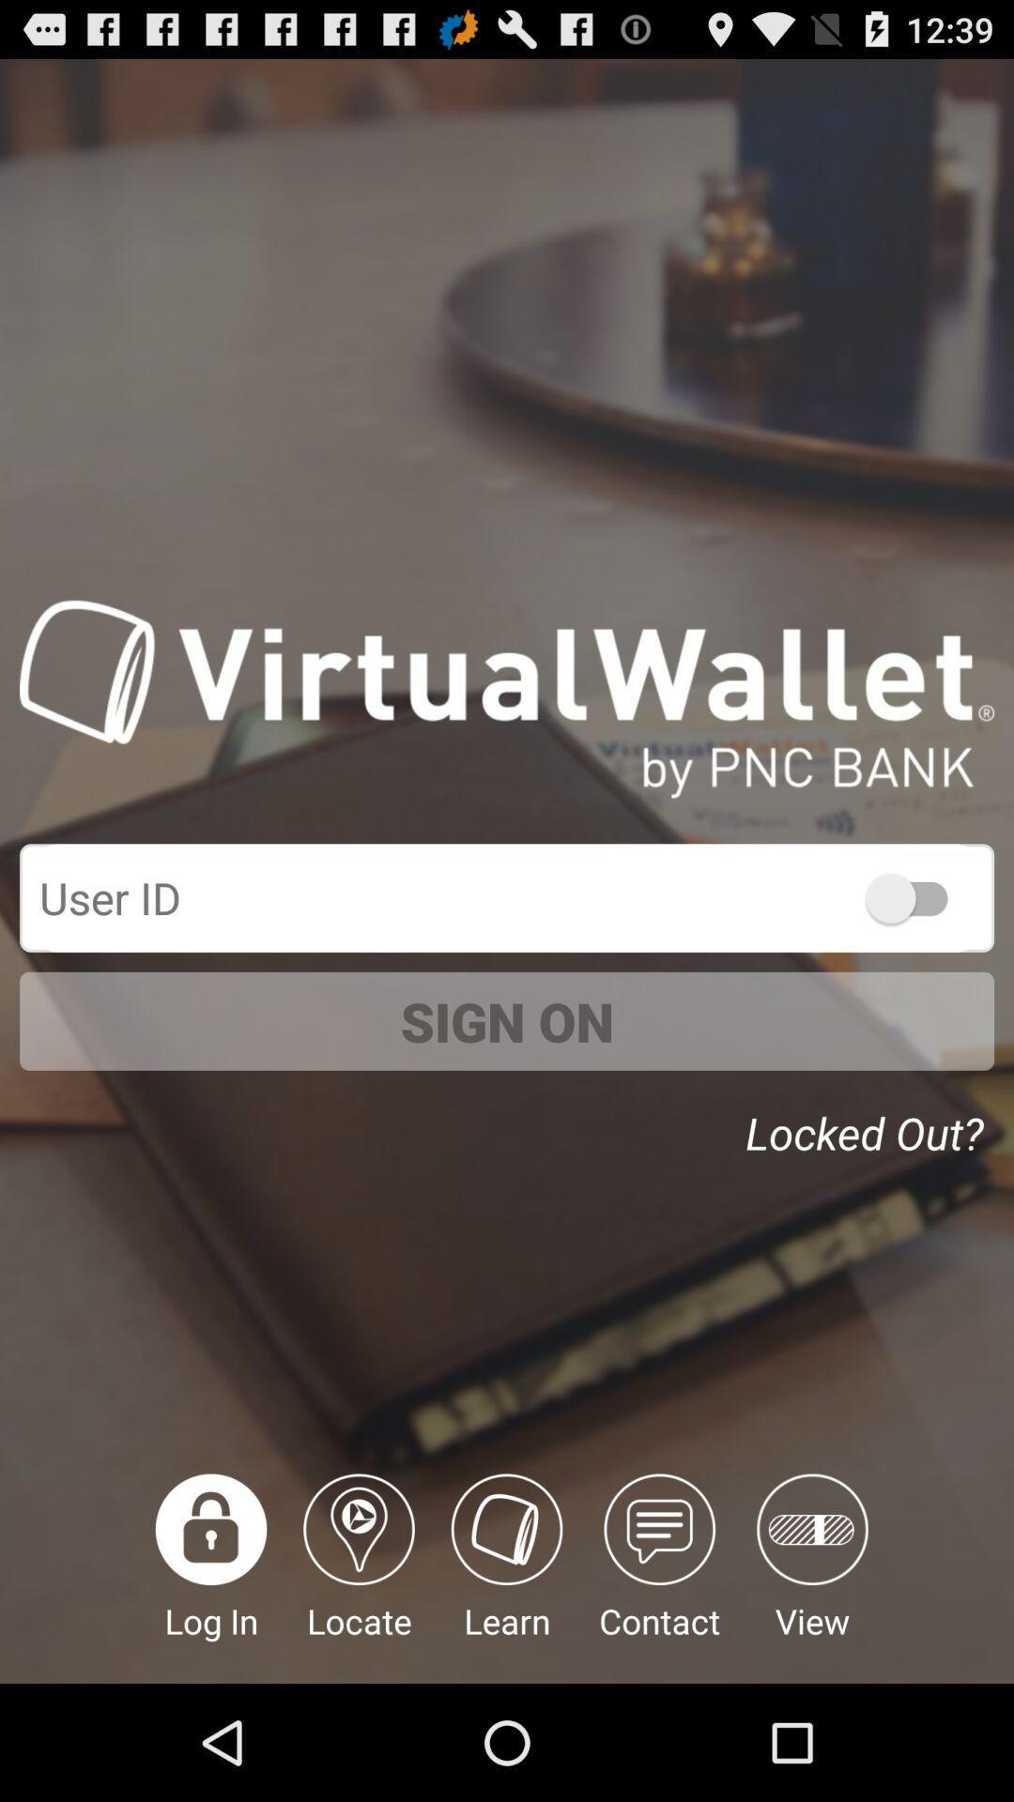  Describe the element at coordinates (658, 1578) in the screenshot. I see `contact item` at that location.